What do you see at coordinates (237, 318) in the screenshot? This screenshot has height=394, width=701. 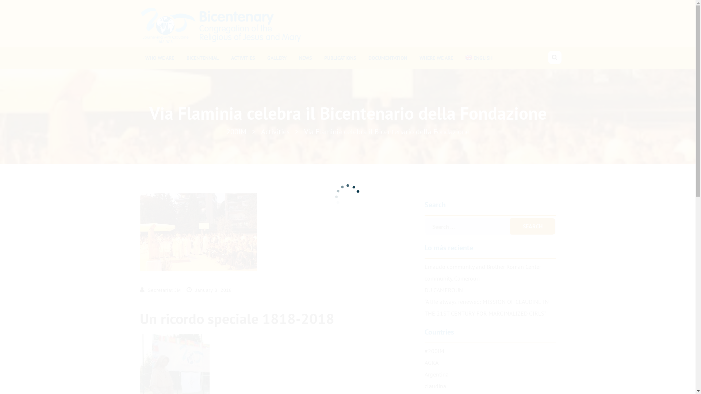 I see `'Un ricordo speciale 1818-2018'` at bounding box center [237, 318].